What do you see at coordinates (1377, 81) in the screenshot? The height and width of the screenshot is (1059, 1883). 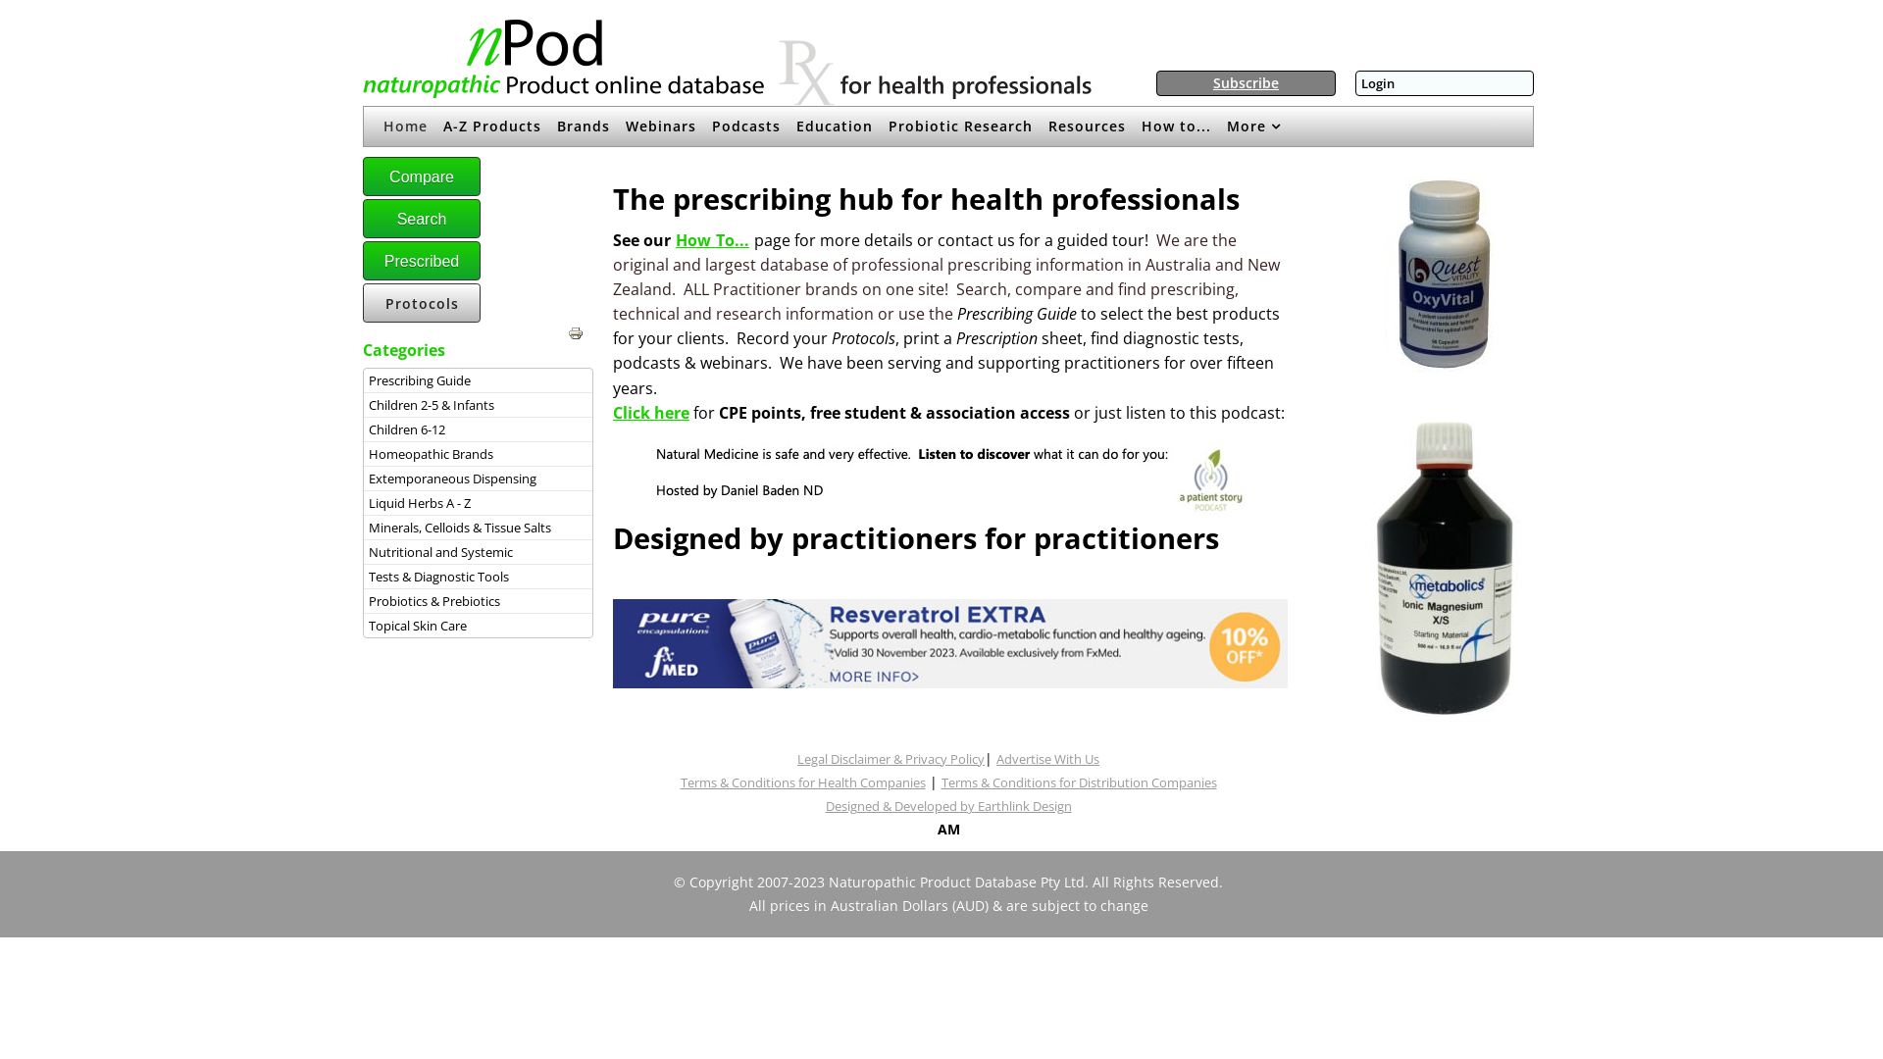 I see `'Login'` at bounding box center [1377, 81].